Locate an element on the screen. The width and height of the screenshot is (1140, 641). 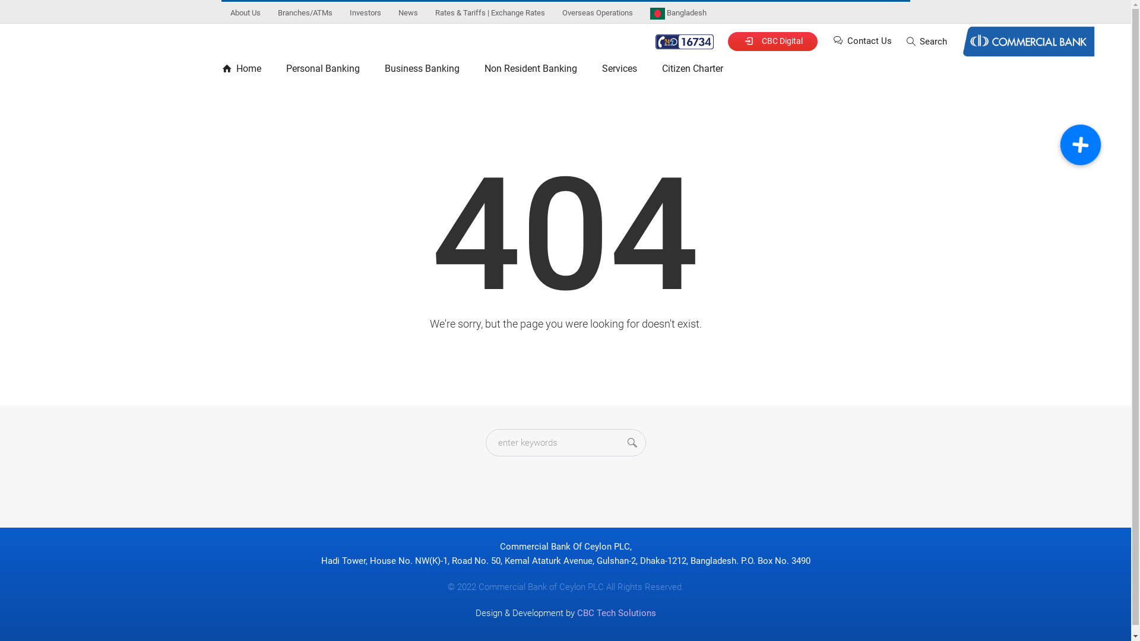
'Branches/ATMs' is located at coordinates (305, 12).